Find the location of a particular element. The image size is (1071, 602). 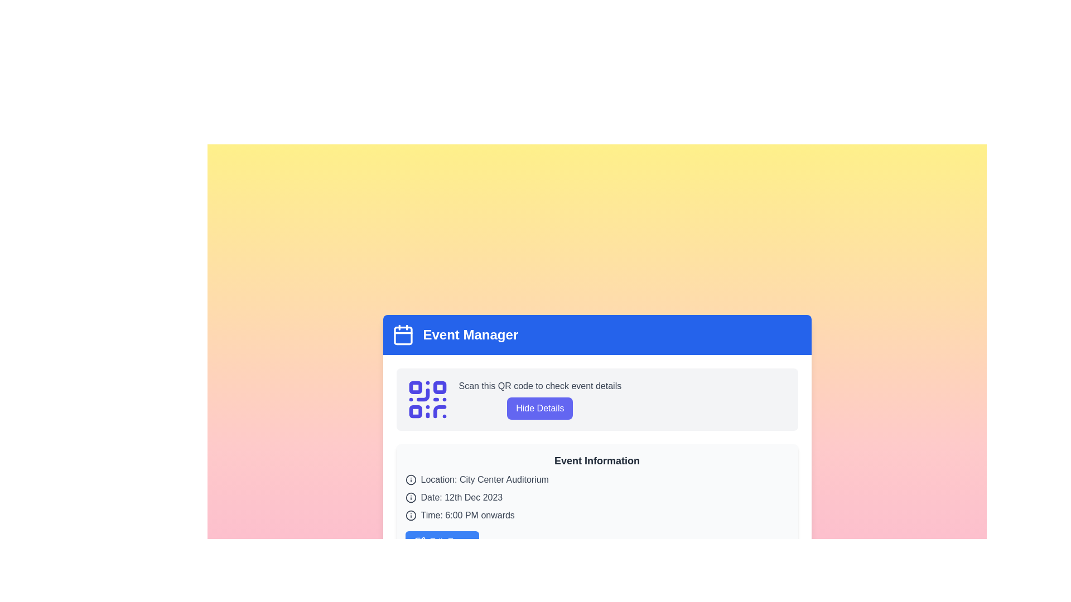

the calendar icon on the left side of the blue bar in the 'Event Manager' section, which features a white outline on a blue square background is located at coordinates (402, 334).